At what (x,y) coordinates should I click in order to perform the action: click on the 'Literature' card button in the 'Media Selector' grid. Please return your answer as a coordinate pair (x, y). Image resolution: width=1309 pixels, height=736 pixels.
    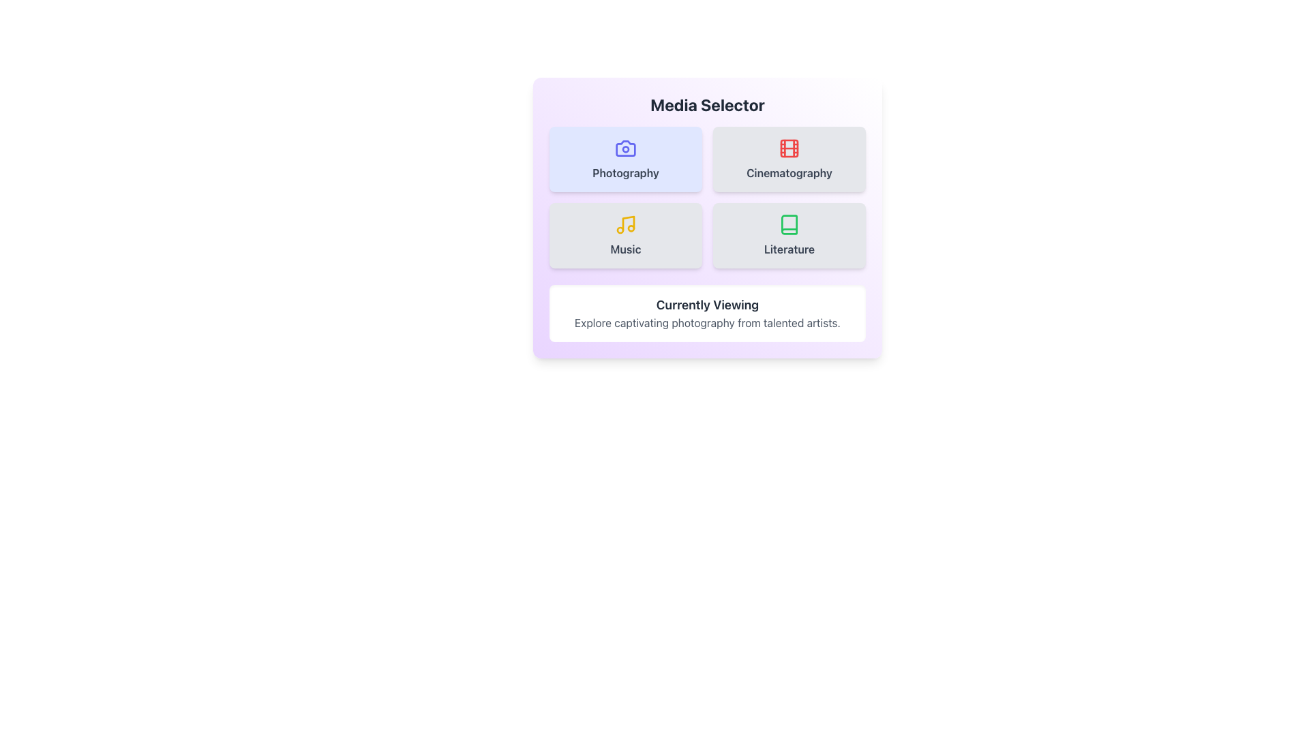
    Looking at the image, I should click on (789, 235).